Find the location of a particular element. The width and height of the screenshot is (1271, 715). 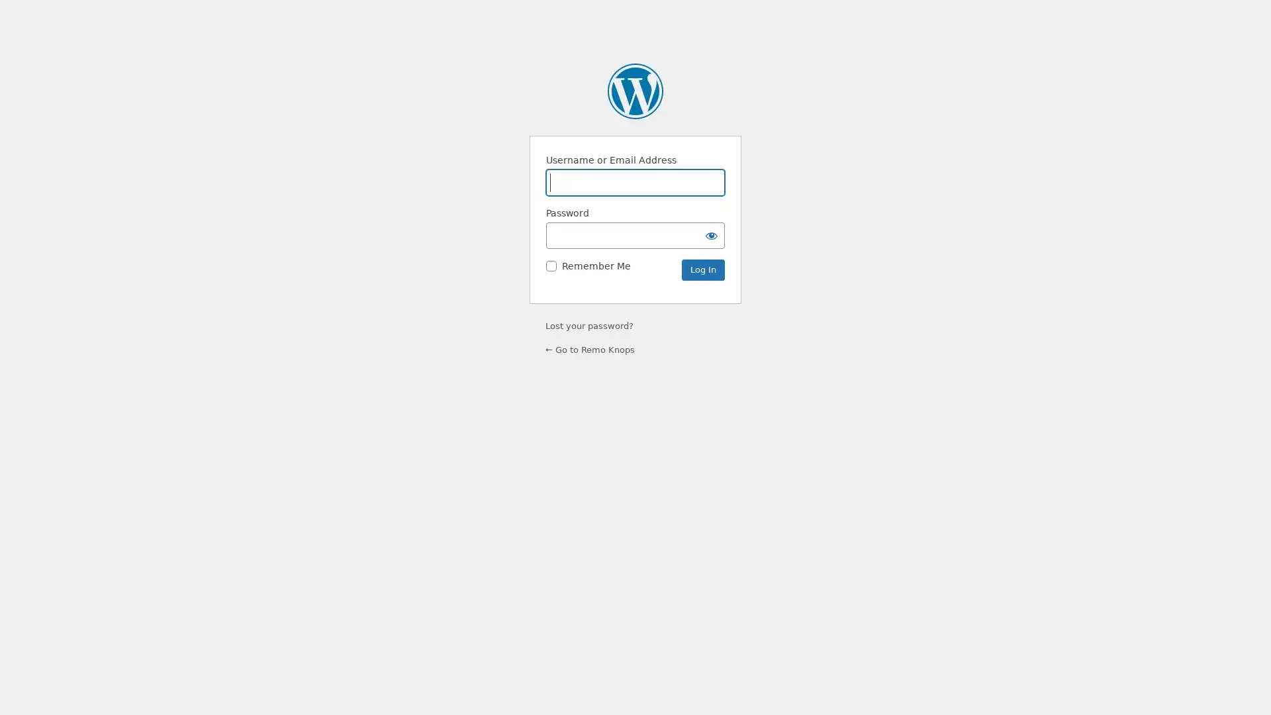

Log In is located at coordinates (702, 269).